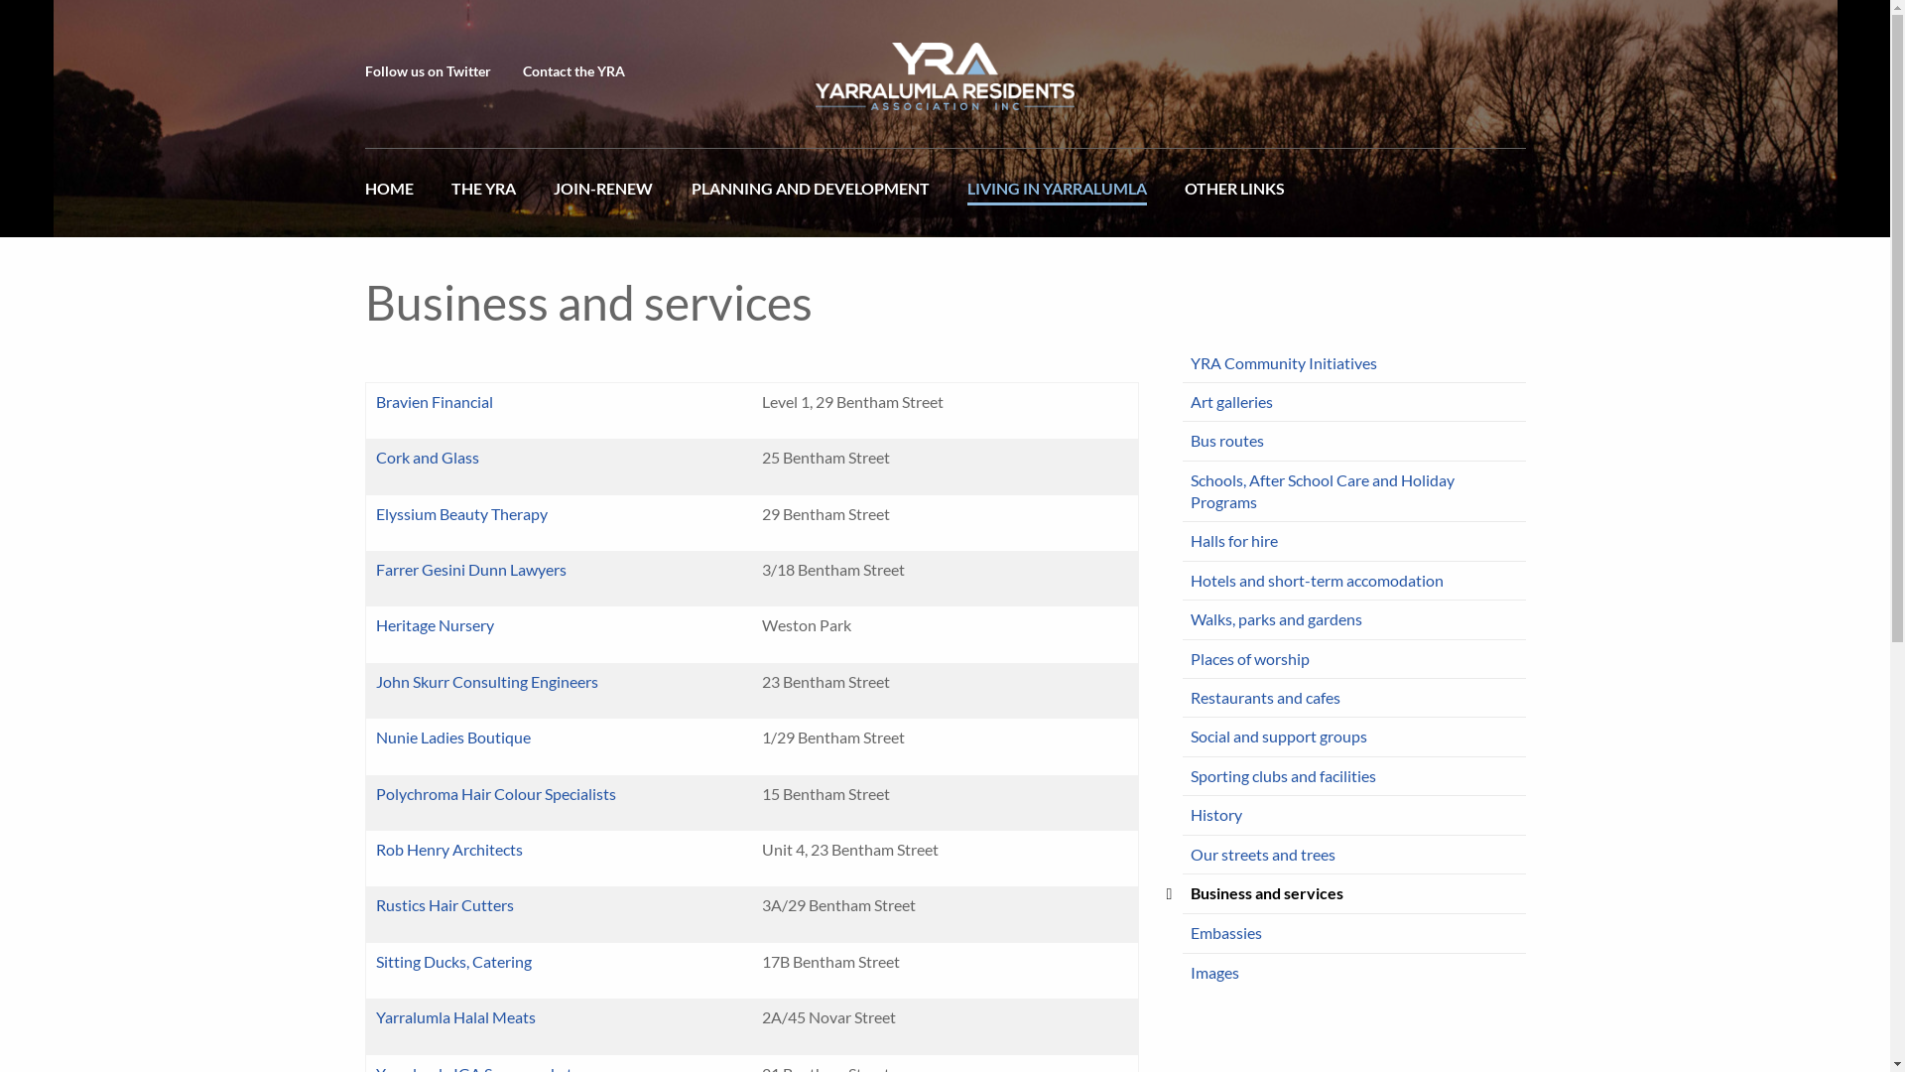 This screenshot has height=1072, width=1905. Describe the element at coordinates (495, 792) in the screenshot. I see `'Polychroma Hair Colour Specialists'` at that location.